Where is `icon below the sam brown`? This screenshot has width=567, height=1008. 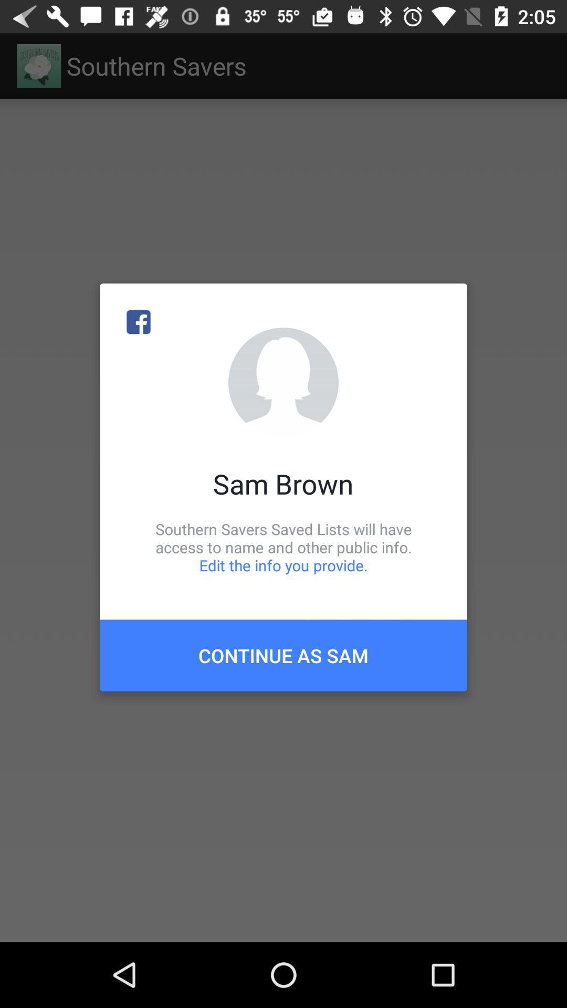 icon below the sam brown is located at coordinates (283, 547).